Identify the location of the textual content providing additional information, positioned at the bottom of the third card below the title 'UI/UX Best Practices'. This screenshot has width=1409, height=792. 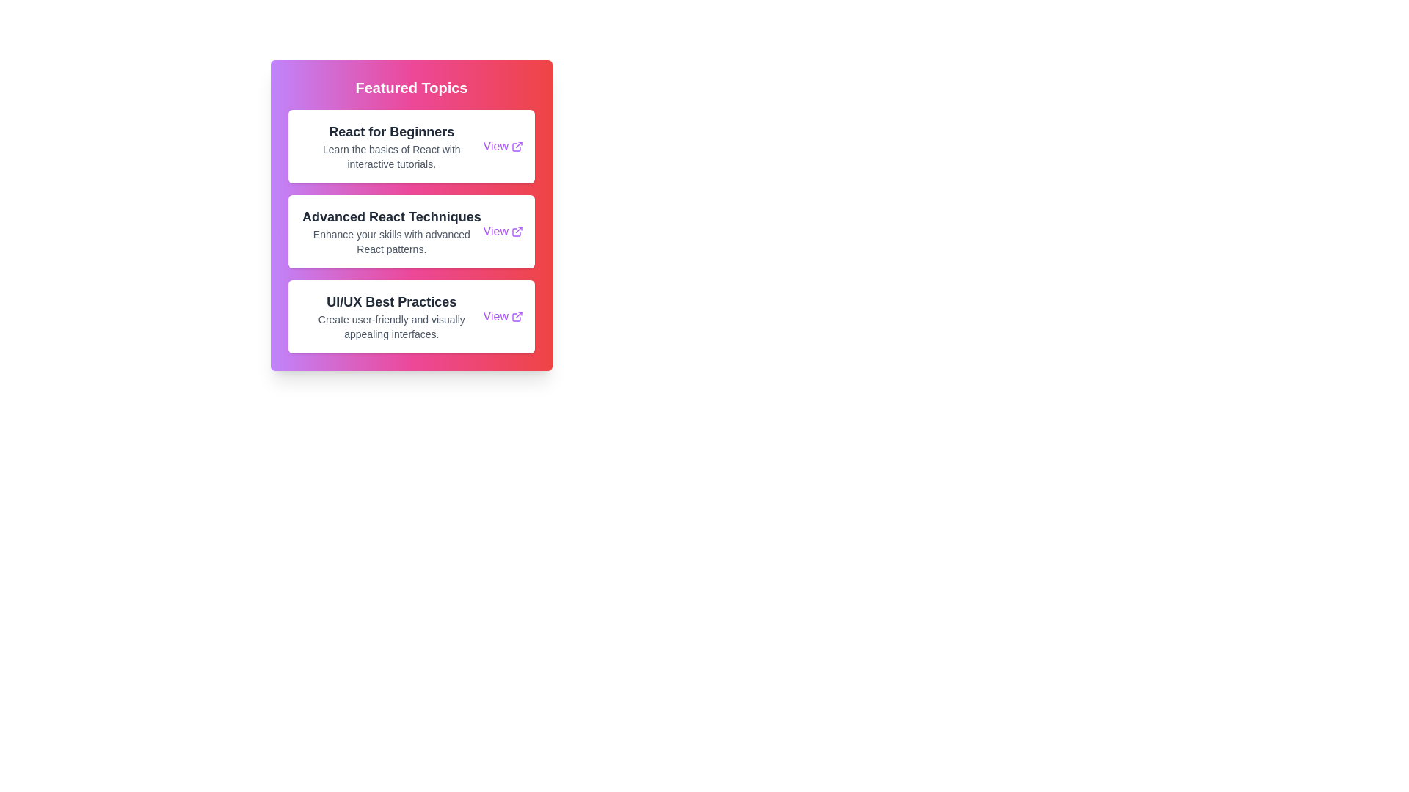
(391, 326).